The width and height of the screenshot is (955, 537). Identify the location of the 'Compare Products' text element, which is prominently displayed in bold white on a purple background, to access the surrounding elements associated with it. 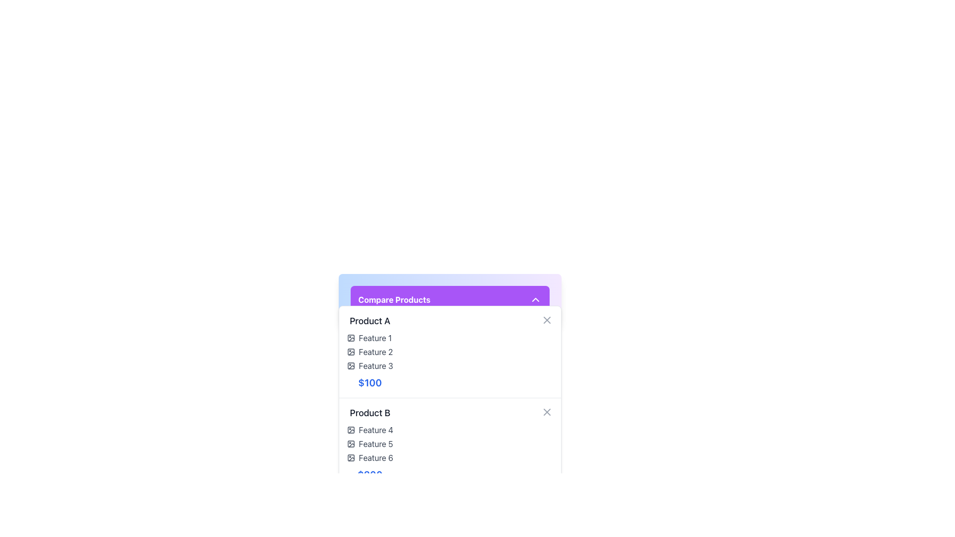
(393, 299).